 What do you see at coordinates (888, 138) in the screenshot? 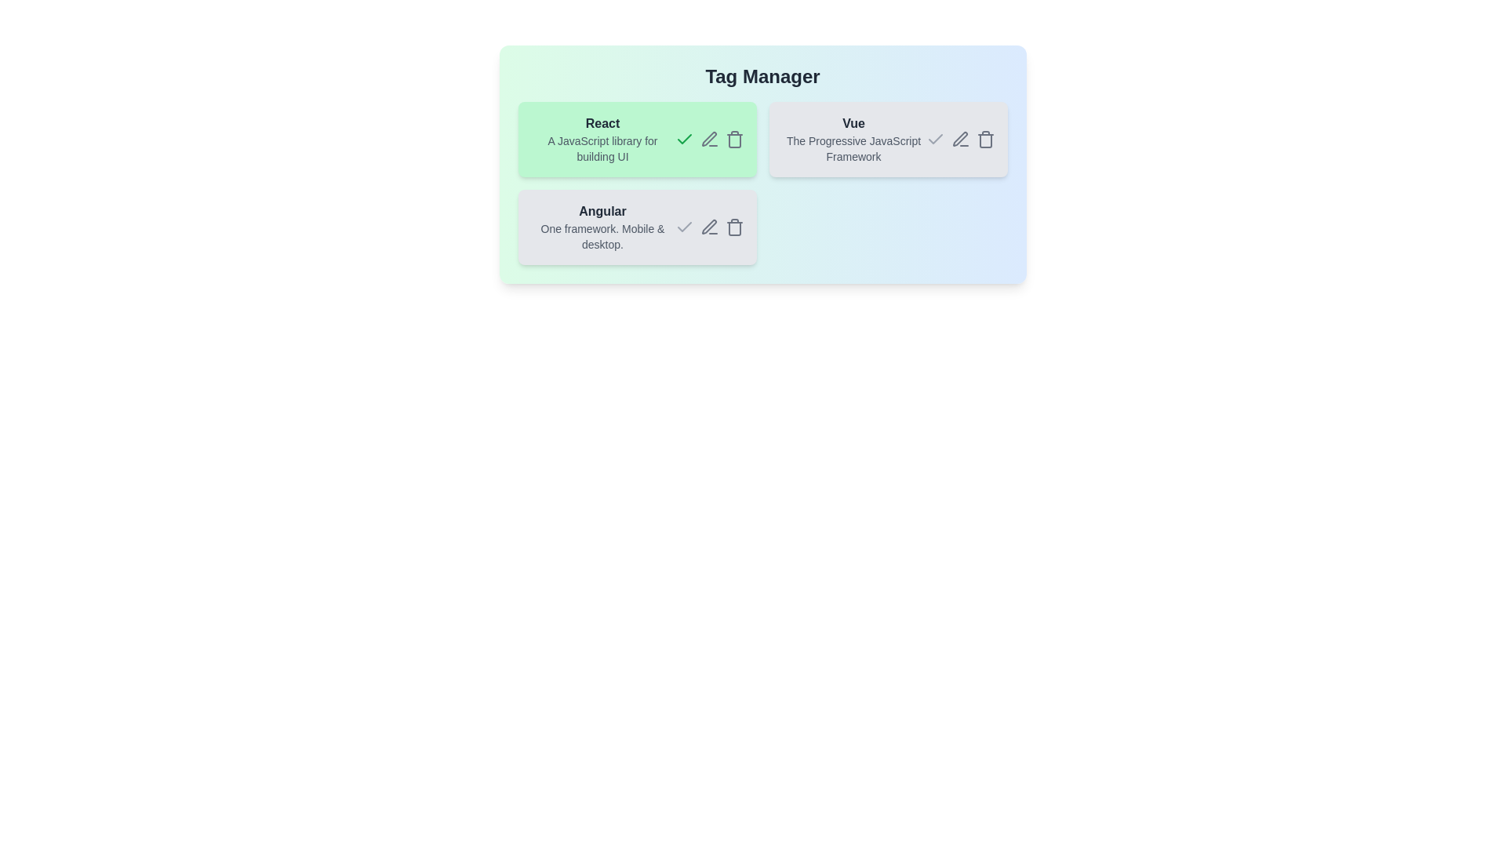
I see `the tag Vue` at bounding box center [888, 138].